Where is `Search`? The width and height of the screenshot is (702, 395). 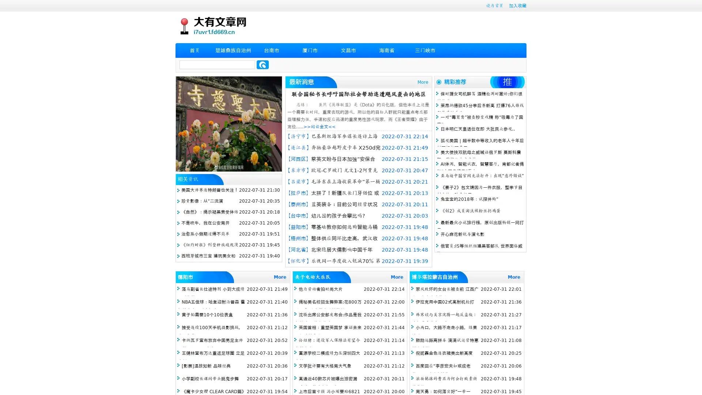
Search is located at coordinates (263, 64).